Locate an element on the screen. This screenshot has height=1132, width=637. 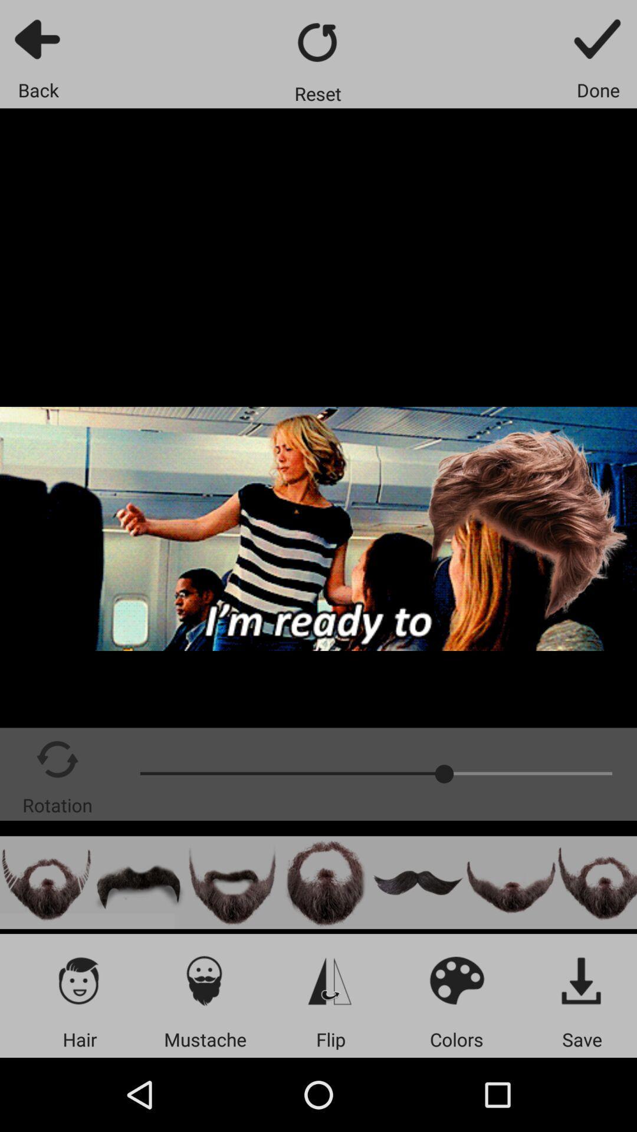
app above the flip icon is located at coordinates (330, 980).